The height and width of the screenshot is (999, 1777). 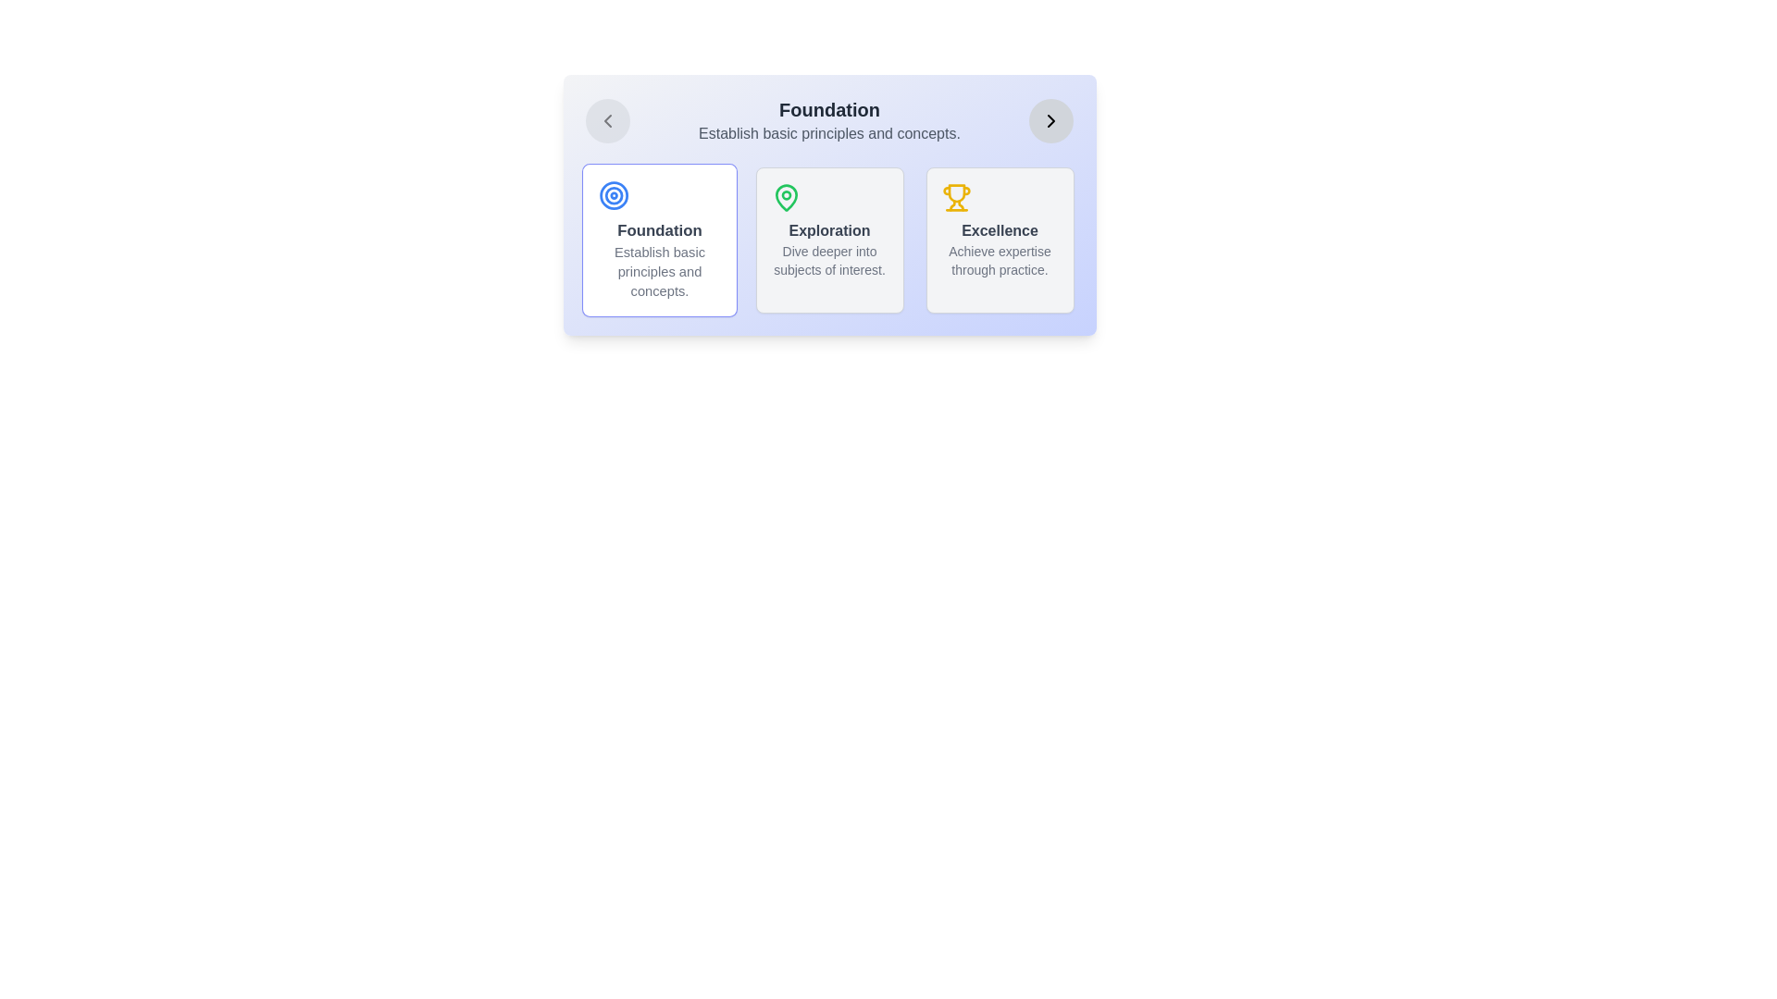 I want to click on the textual UI component that states 'Foundation' and its subtext 'Establish basic principles and concepts.', so click(x=828, y=121).